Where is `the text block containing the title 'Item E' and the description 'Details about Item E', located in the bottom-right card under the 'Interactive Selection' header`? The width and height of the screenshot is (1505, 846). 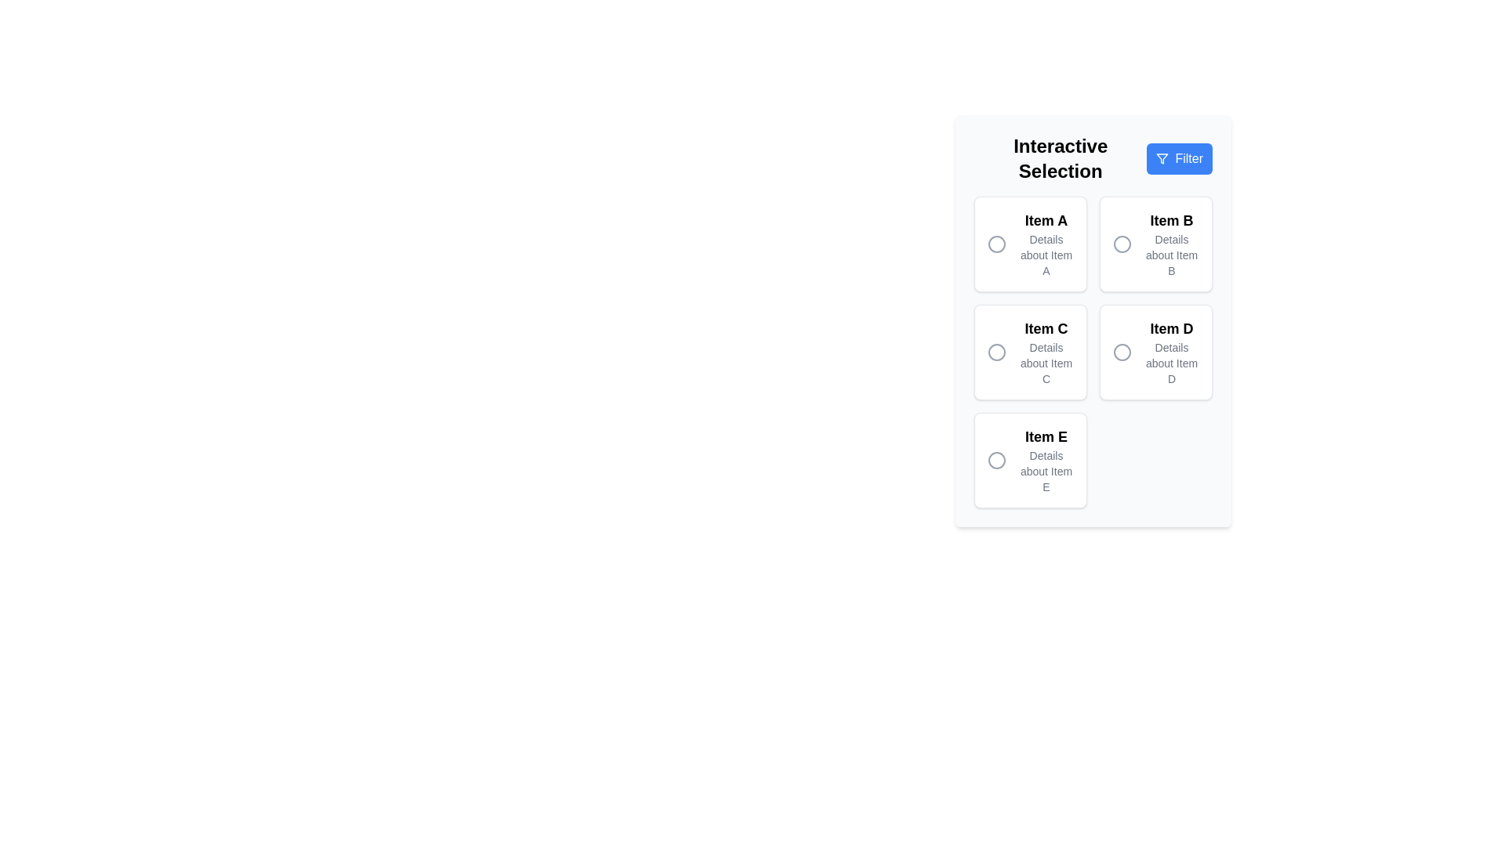
the text block containing the title 'Item E' and the description 'Details about Item E', located in the bottom-right card under the 'Interactive Selection' header is located at coordinates (1046, 459).